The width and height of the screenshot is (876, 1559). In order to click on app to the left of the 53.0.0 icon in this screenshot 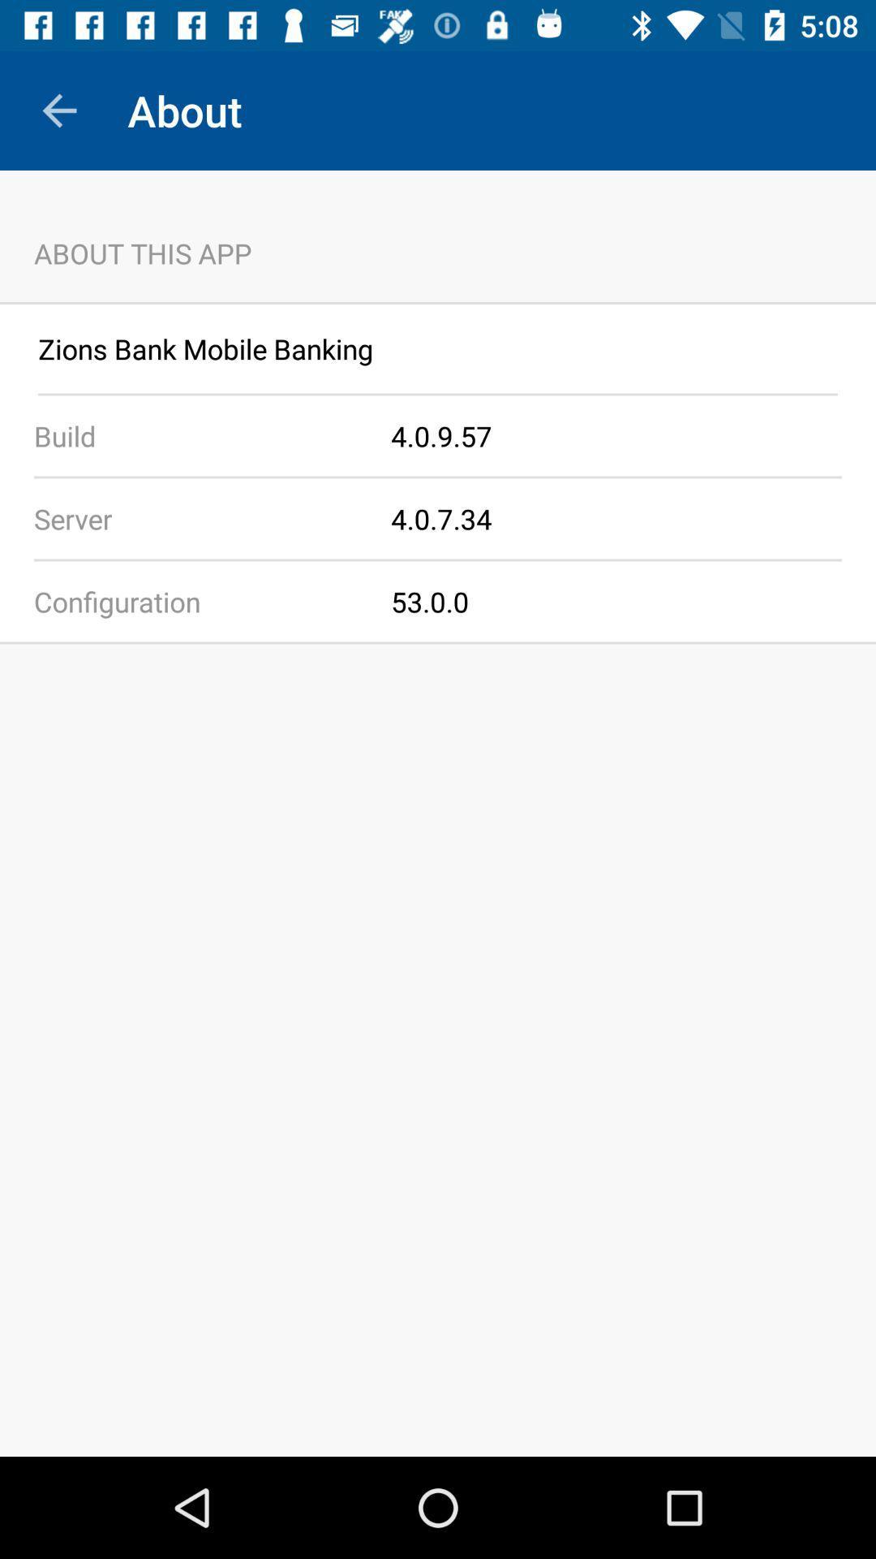, I will do `click(195, 600)`.